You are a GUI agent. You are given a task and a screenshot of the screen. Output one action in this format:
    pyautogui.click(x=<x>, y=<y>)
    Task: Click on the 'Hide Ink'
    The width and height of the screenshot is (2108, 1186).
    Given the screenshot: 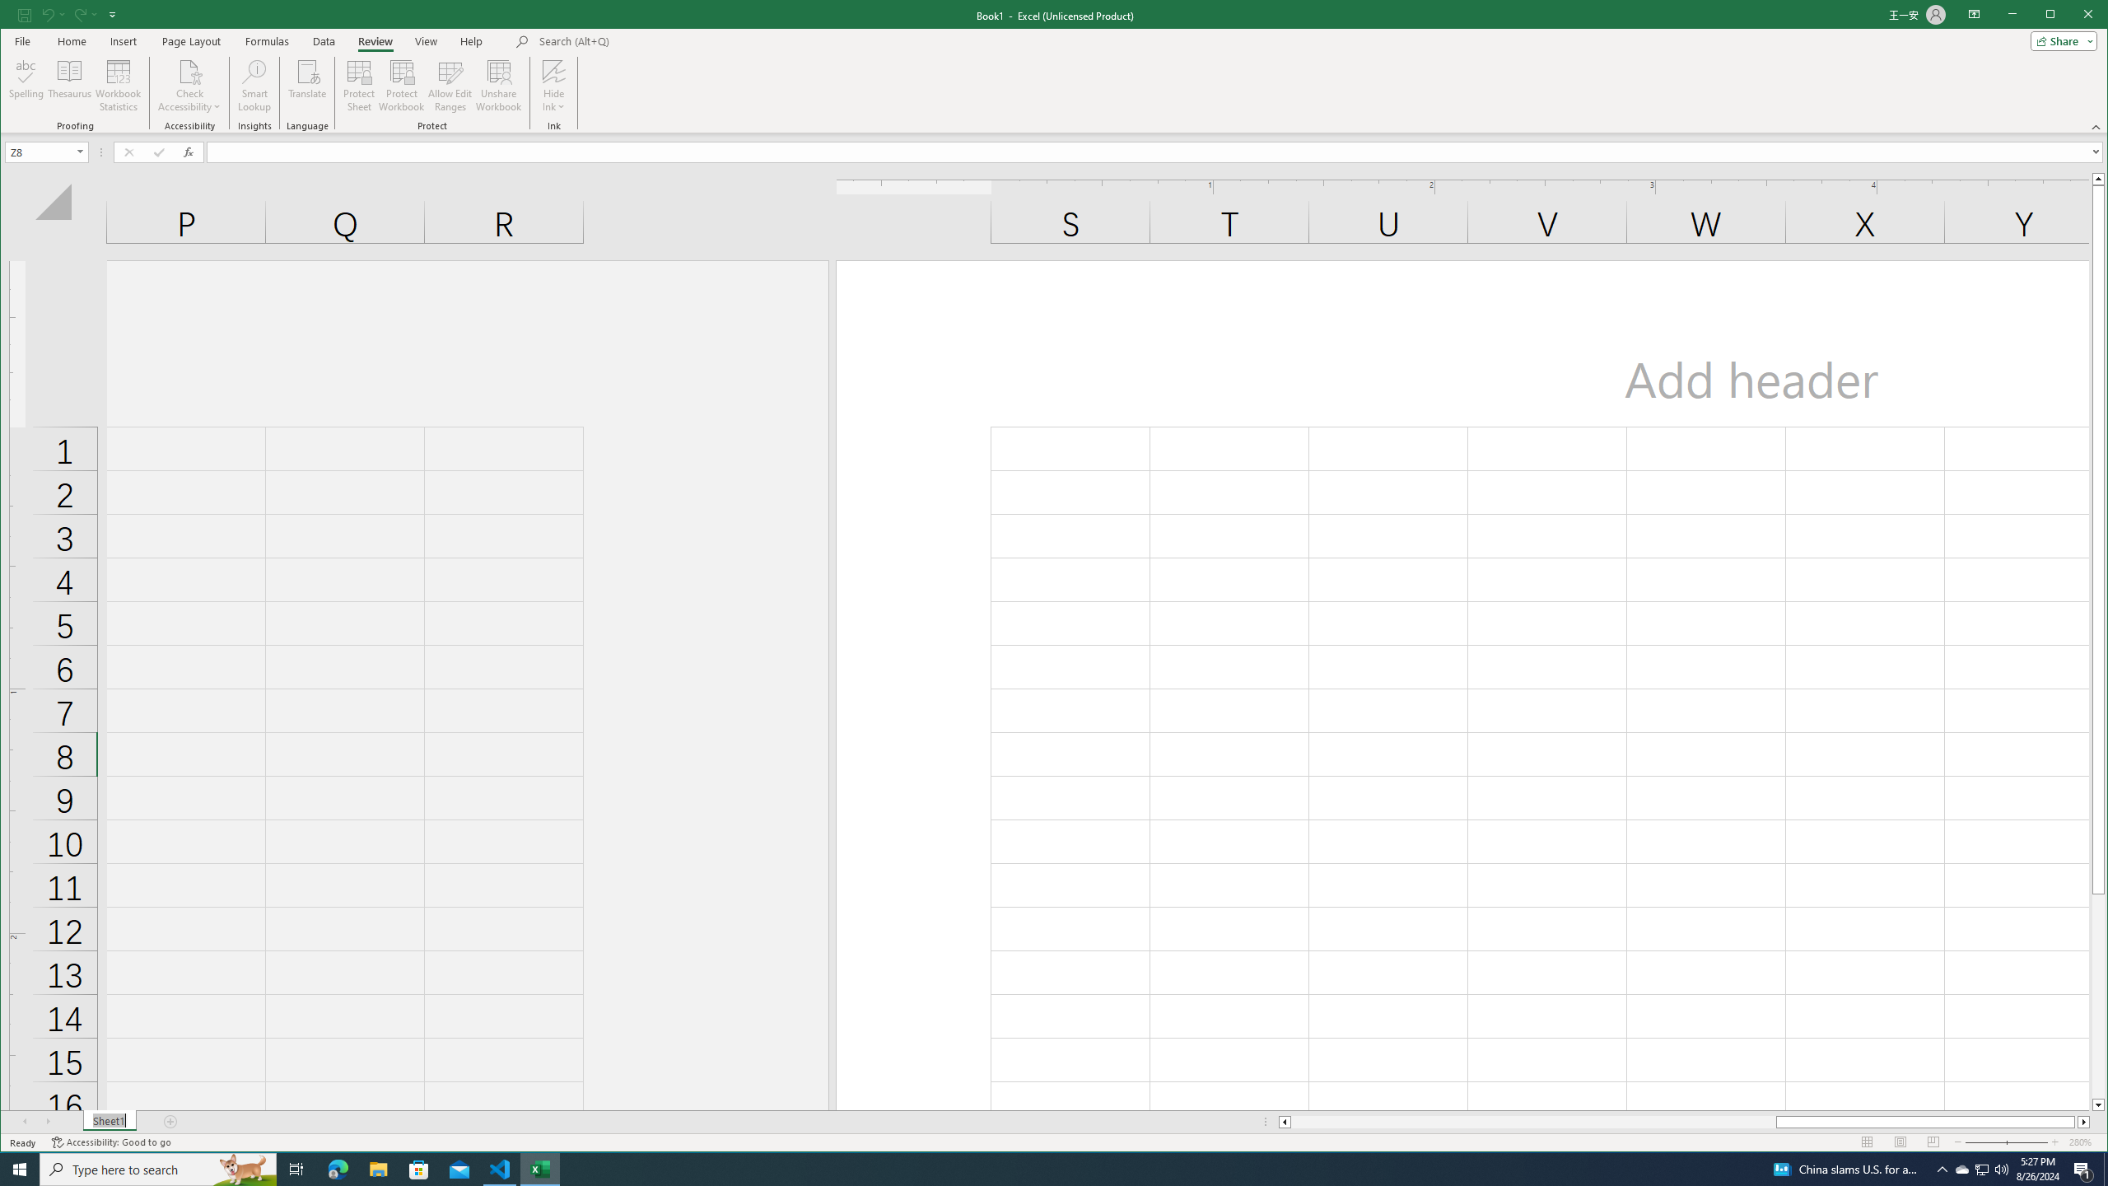 What is the action you would take?
    pyautogui.click(x=553, y=70)
    